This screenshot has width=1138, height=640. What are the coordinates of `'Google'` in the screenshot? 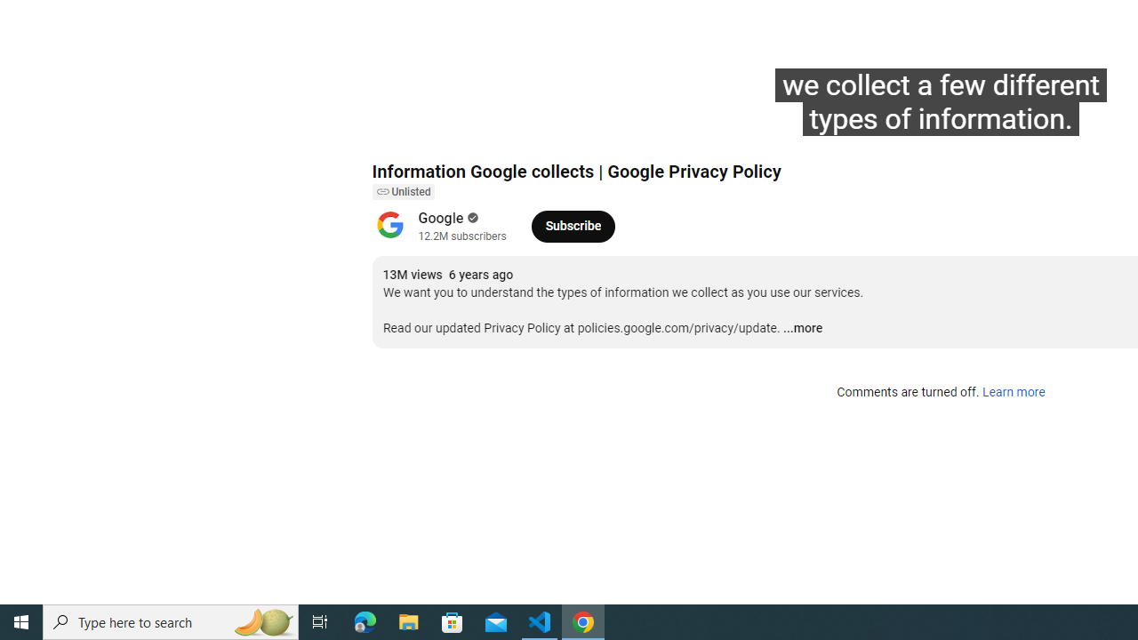 It's located at (441, 217).